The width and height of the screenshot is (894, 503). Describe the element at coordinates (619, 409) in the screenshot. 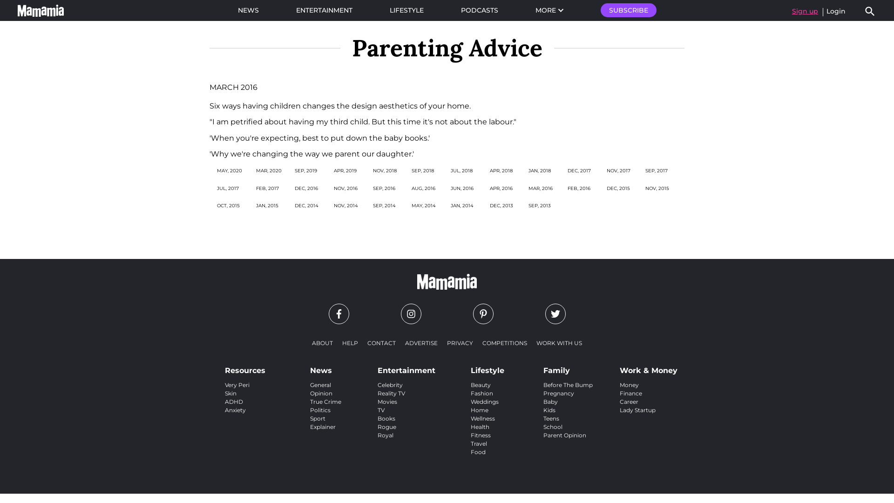

I see `'Lady Startup'` at that location.